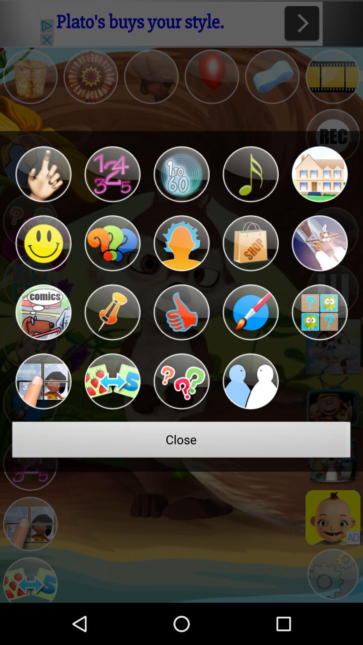  Describe the element at coordinates (43, 243) in the screenshot. I see `a learning script` at that location.